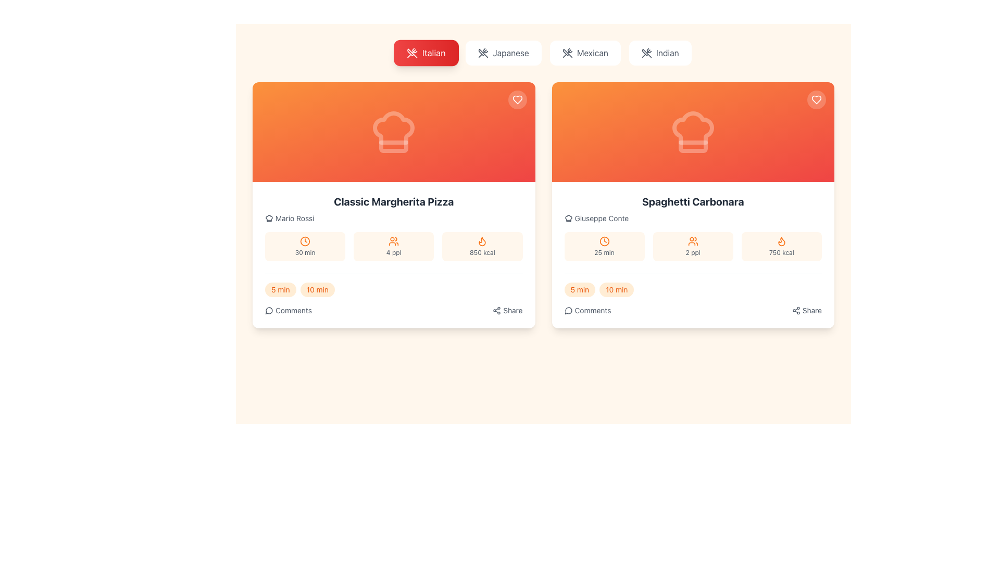 This screenshot has width=1000, height=562. What do you see at coordinates (568, 218) in the screenshot?
I see `the chef icon indicating the author of the recipe 'Giuseppe Conte' located in the user attribution section under the 'Spaghetti Carbonara' card` at bounding box center [568, 218].